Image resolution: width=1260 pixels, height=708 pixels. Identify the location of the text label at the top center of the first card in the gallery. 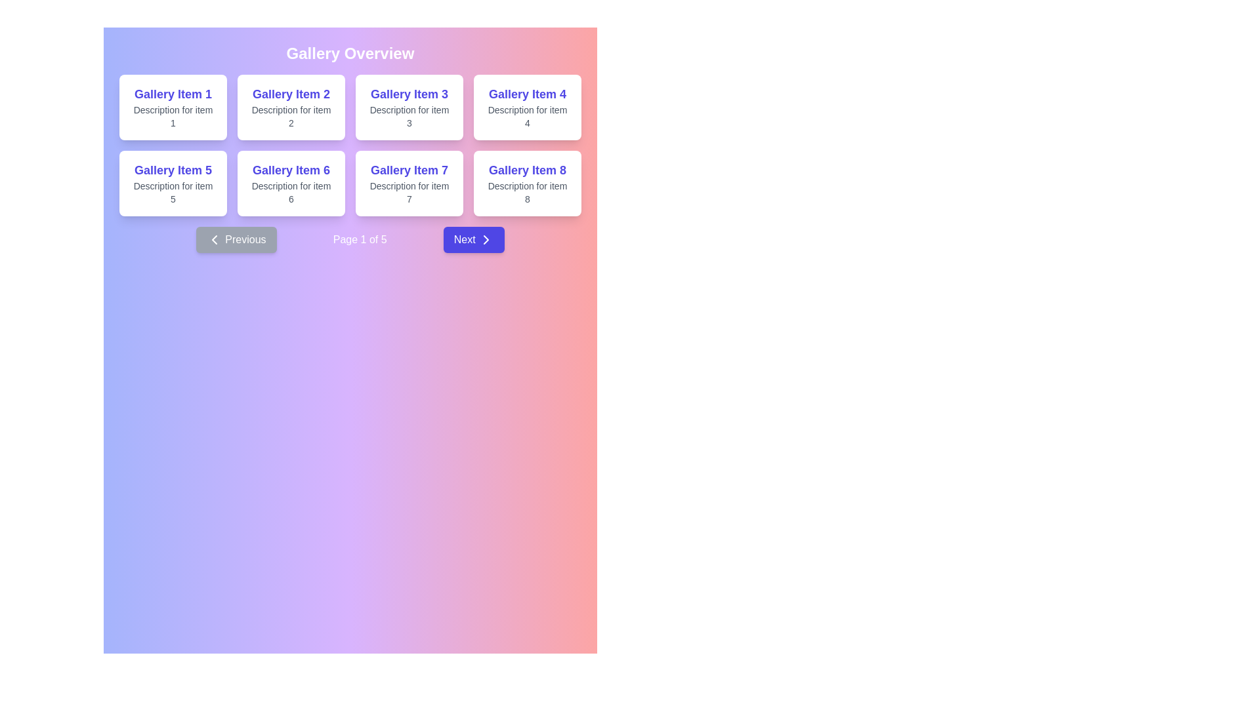
(173, 93).